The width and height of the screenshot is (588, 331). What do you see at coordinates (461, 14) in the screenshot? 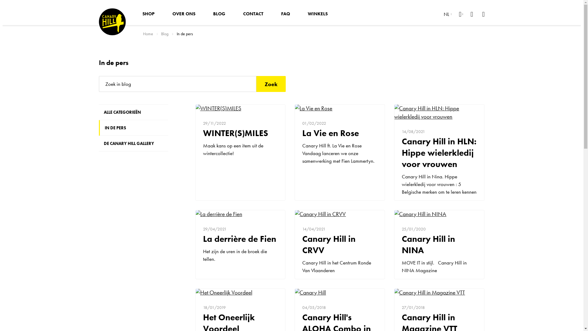
I see `'Mijn account'` at bounding box center [461, 14].